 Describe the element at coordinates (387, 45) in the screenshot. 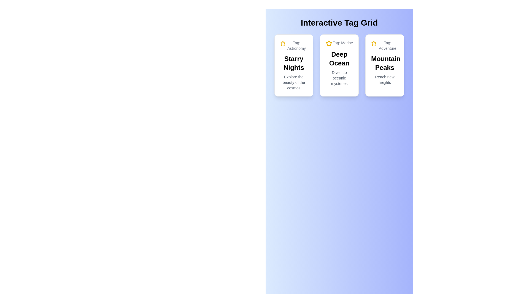

I see `the static text label that reads 'Tag: Adventure', which is styled with a small font size, gray color, and bold typeface, located in the header section of the third card from the left` at that location.